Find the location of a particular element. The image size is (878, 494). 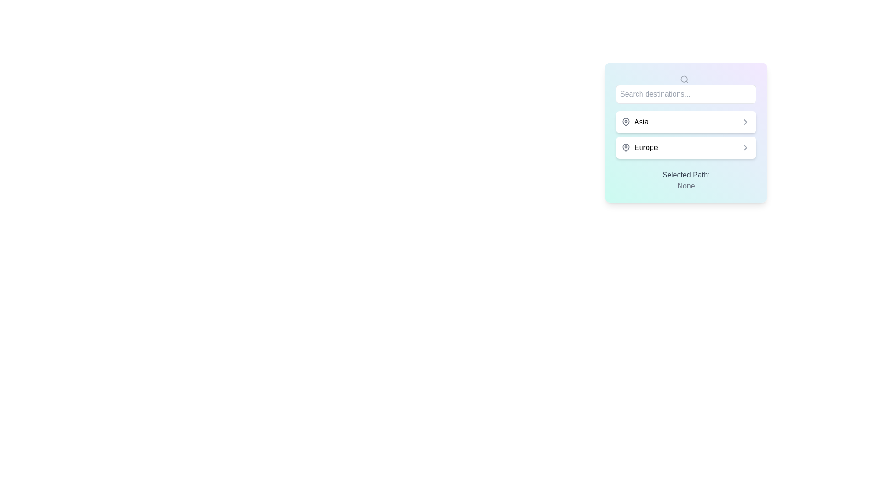

the icon located in the second row of the list, aligned to the right of the 'Europe' entry, to activate further actions or navigation options is located at coordinates (745, 147).